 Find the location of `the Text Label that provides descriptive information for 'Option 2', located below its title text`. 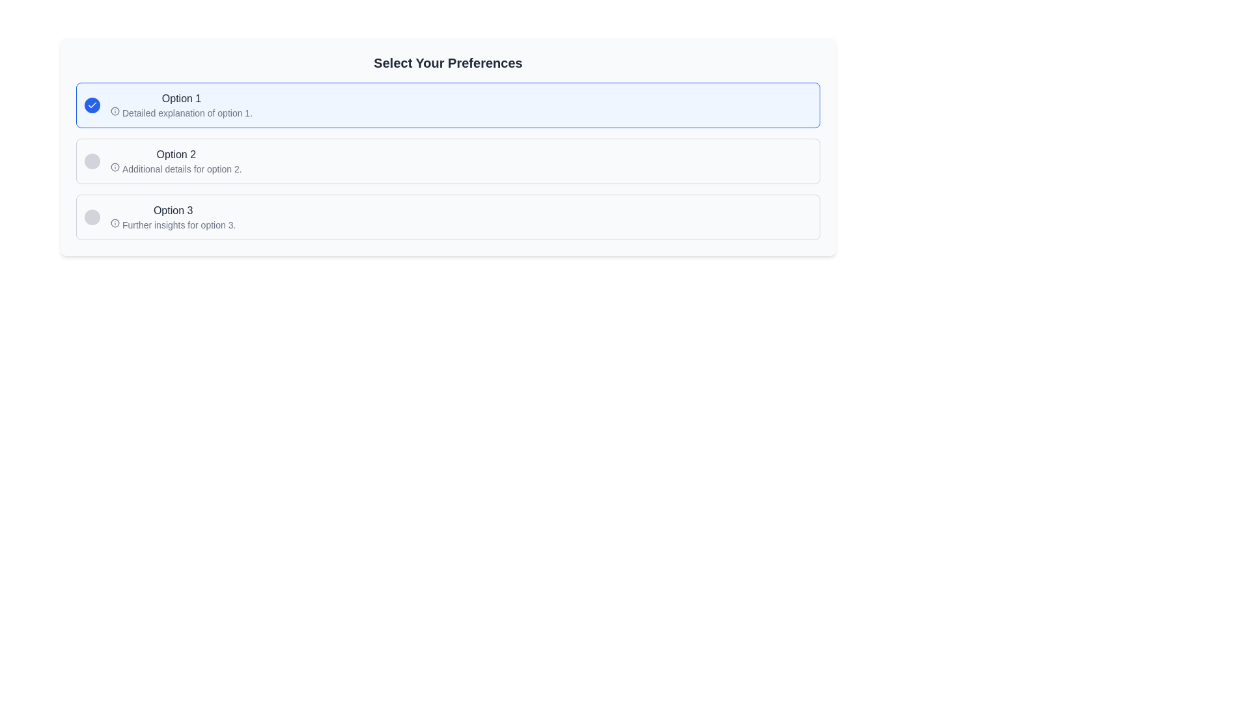

the Text Label that provides descriptive information for 'Option 2', located below its title text is located at coordinates (175, 168).